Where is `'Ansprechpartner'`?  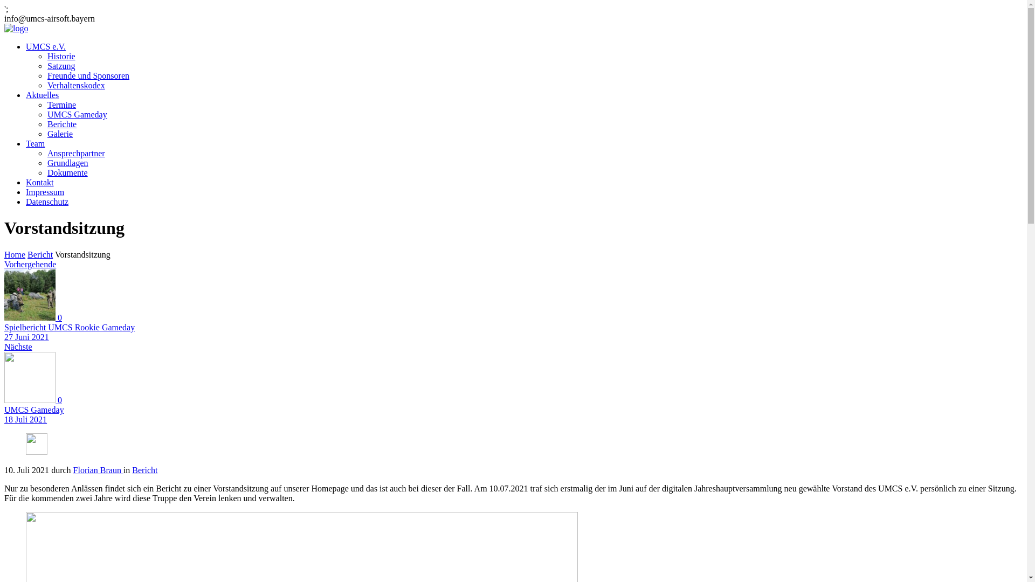
'Ansprechpartner' is located at coordinates (75, 153).